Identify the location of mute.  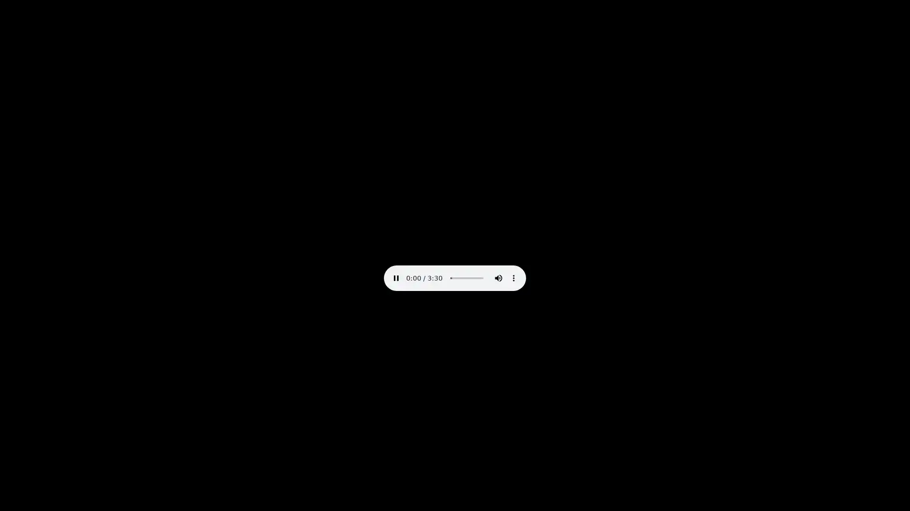
(498, 277).